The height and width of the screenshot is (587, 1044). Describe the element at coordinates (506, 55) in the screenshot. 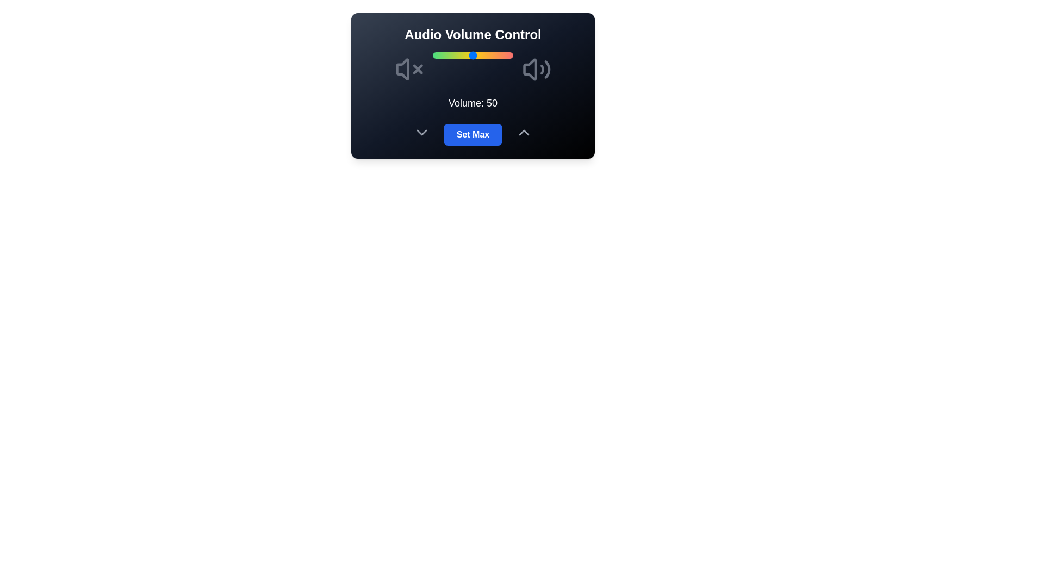

I see `the volume slider to 92 percent` at that location.